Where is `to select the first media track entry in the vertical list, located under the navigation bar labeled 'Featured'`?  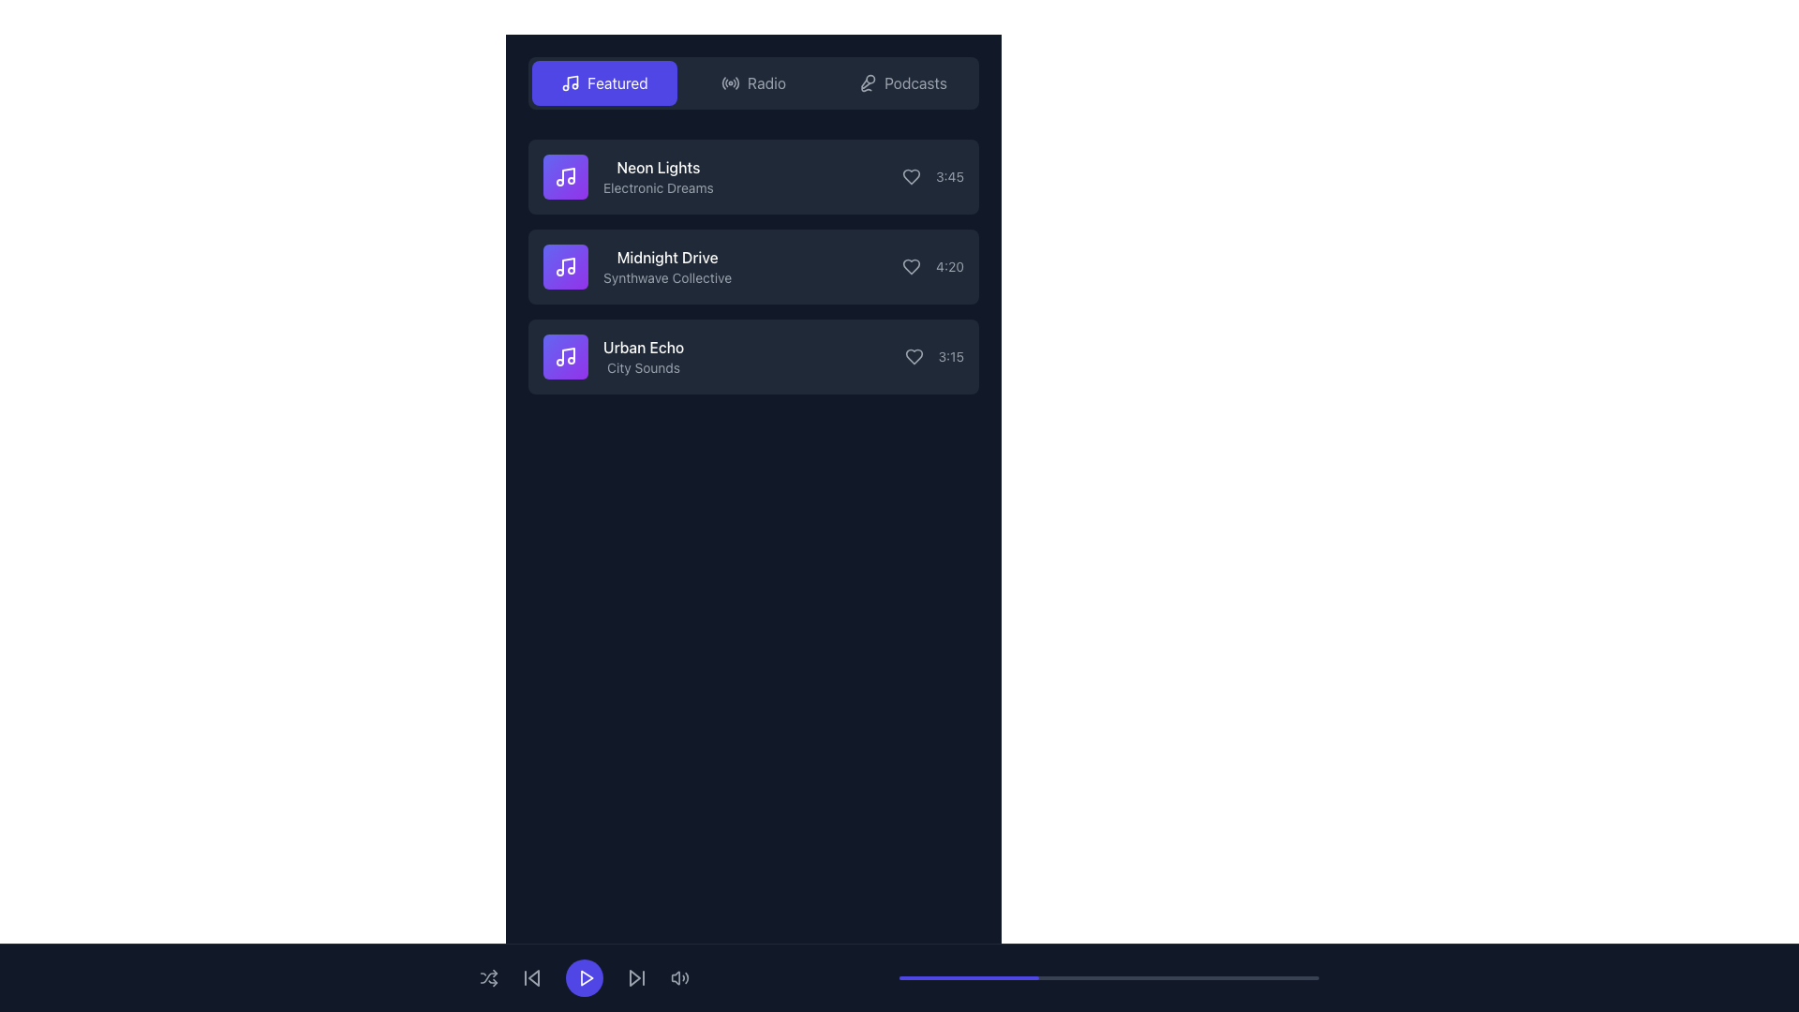 to select the first media track entry in the vertical list, located under the navigation bar labeled 'Featured' is located at coordinates (753, 177).